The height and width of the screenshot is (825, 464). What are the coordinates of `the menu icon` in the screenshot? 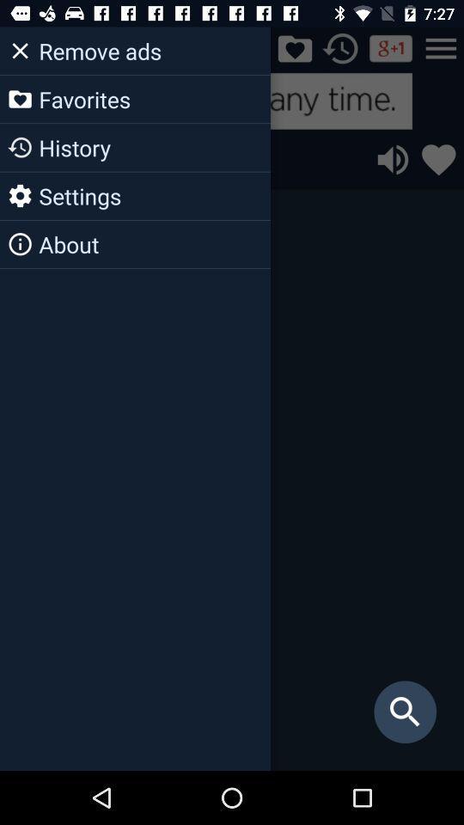 It's located at (441, 47).